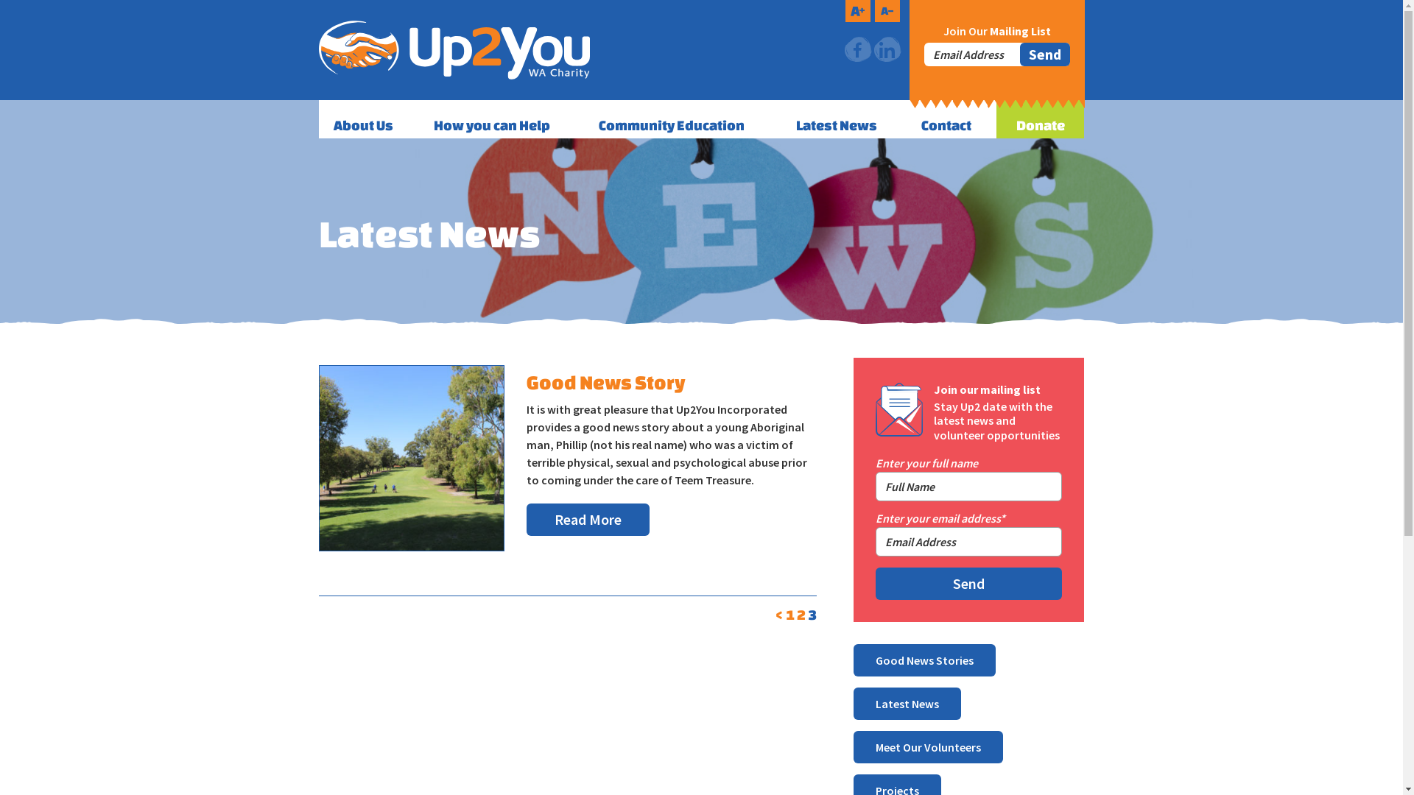 Image resolution: width=1414 pixels, height=795 pixels. What do you see at coordinates (951, 119) in the screenshot?
I see `'Contact'` at bounding box center [951, 119].